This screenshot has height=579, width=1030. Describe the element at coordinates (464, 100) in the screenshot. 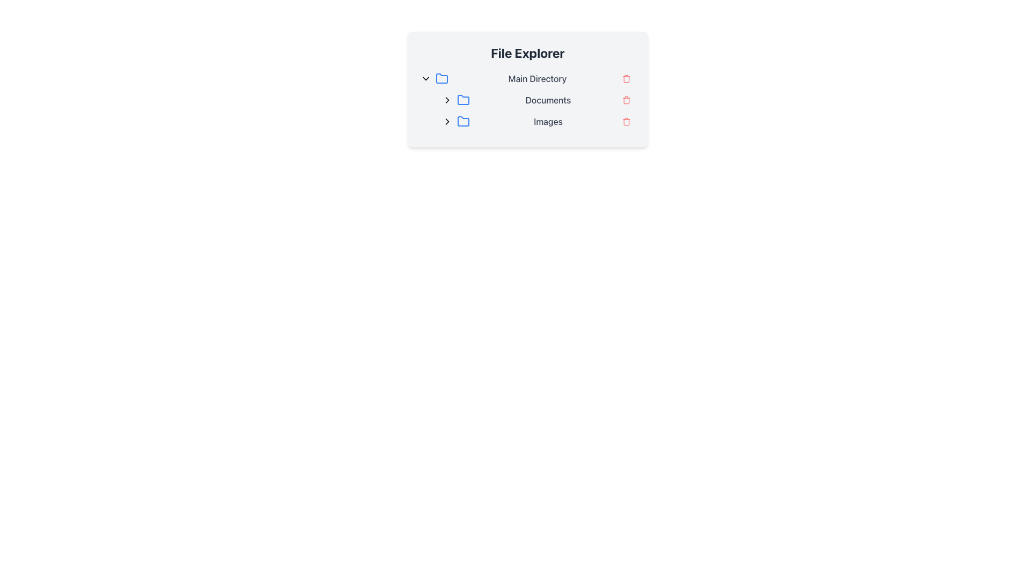

I see `the folder icon located to the left of the 'Documents' text in the file explorer UI` at that location.